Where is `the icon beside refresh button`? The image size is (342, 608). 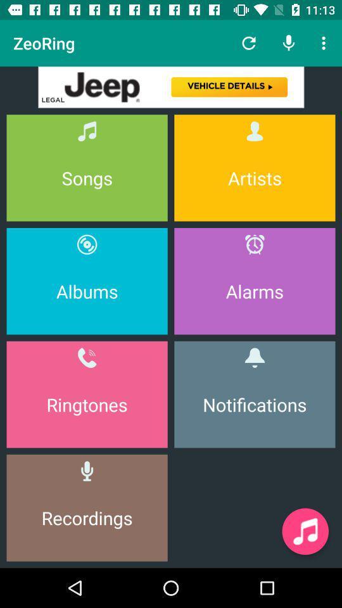
the icon beside refresh button is located at coordinates (289, 43).